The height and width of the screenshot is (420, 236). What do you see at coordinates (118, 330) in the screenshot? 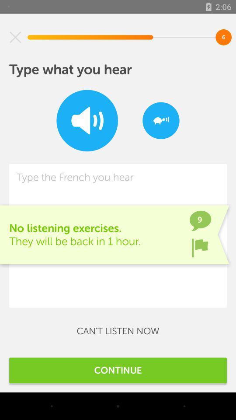
I see `the can t listen` at bounding box center [118, 330].